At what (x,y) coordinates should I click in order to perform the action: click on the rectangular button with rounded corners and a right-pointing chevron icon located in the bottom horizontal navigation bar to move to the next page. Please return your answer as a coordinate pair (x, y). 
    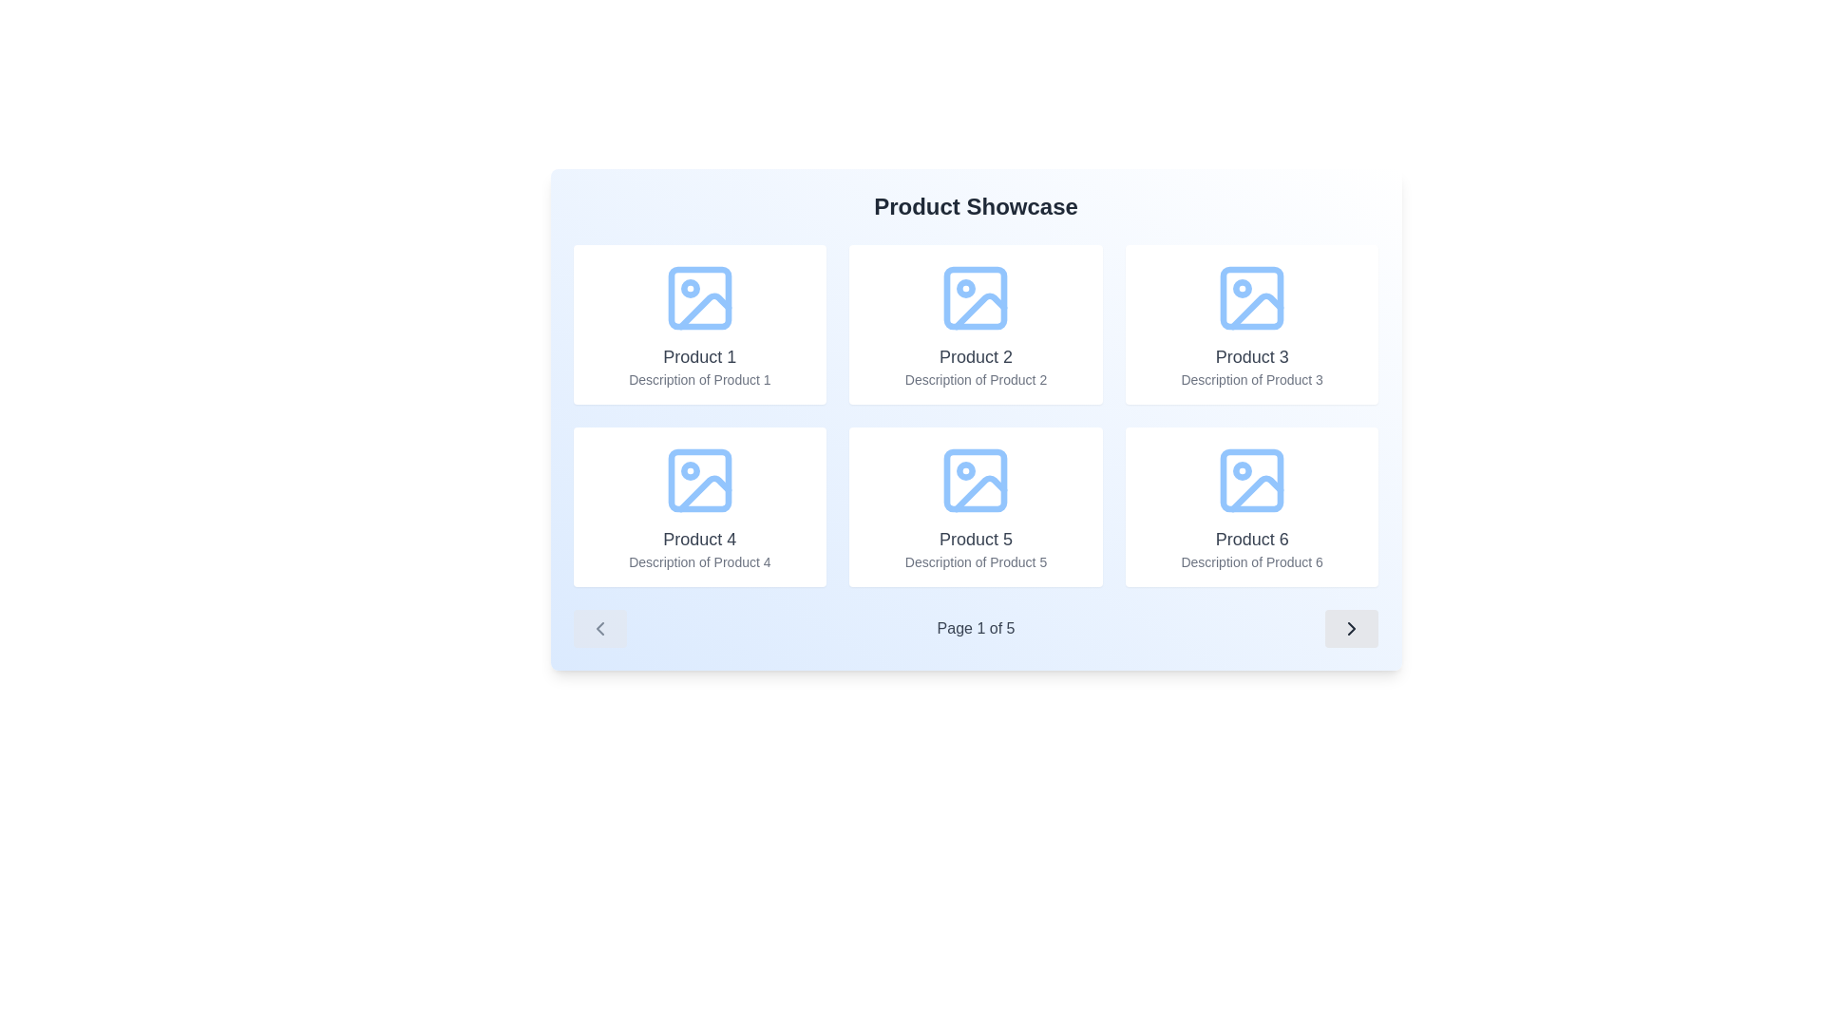
    Looking at the image, I should click on (1351, 629).